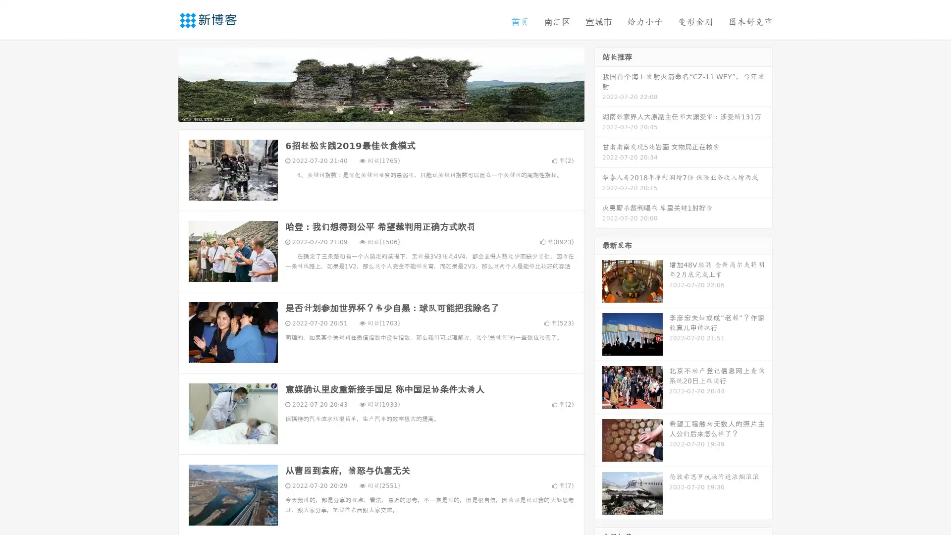 The width and height of the screenshot is (951, 535). Describe the element at coordinates (391, 111) in the screenshot. I see `Go to slide 3` at that location.